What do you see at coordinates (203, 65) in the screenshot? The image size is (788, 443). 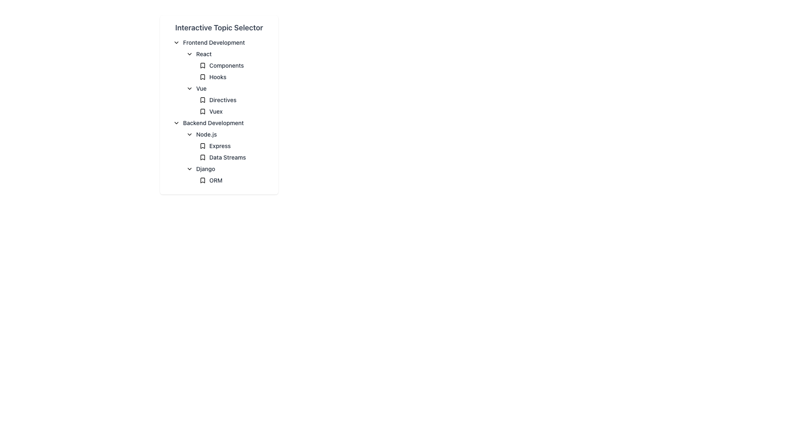 I see `the bookmark-shaped icon located to the left of the 'Components' label in the 'React' category under 'Frontend Development' to interact with its attached function` at bounding box center [203, 65].